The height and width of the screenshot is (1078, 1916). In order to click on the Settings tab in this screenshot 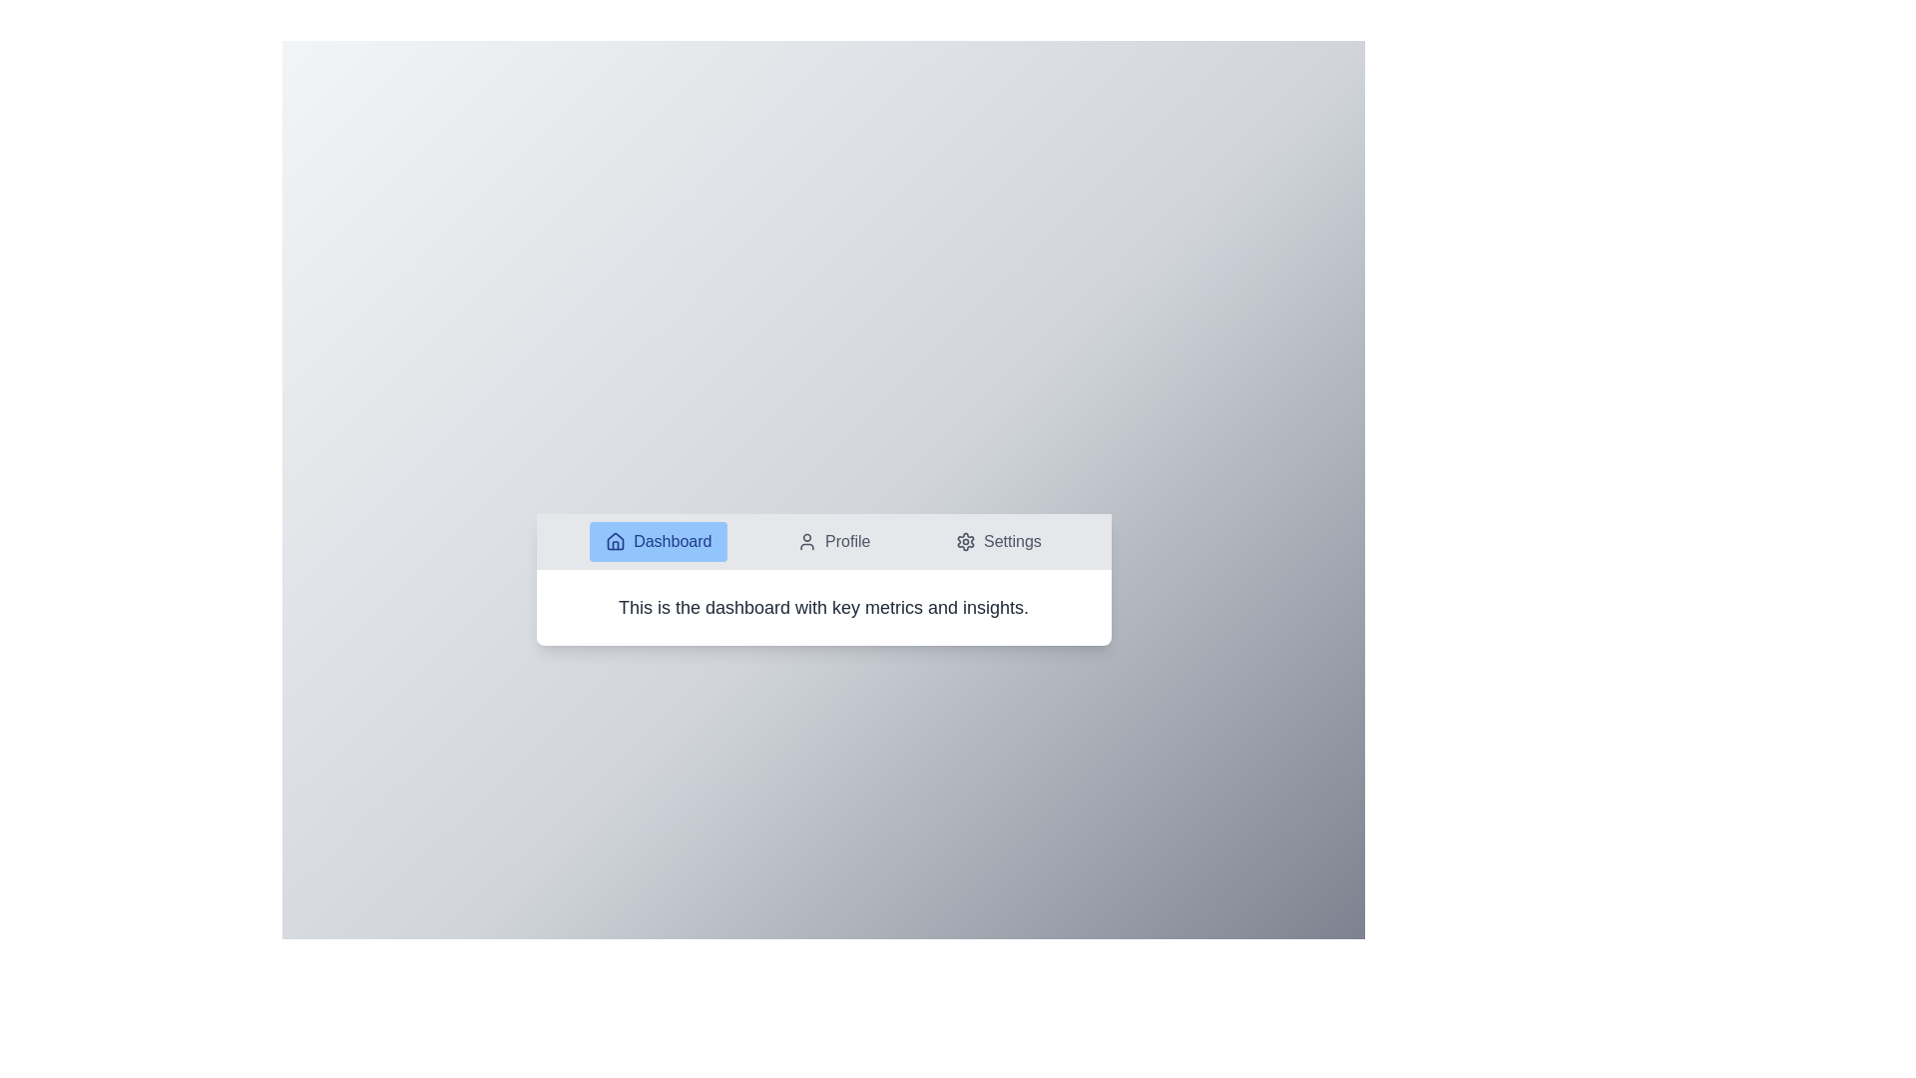, I will do `click(997, 542)`.